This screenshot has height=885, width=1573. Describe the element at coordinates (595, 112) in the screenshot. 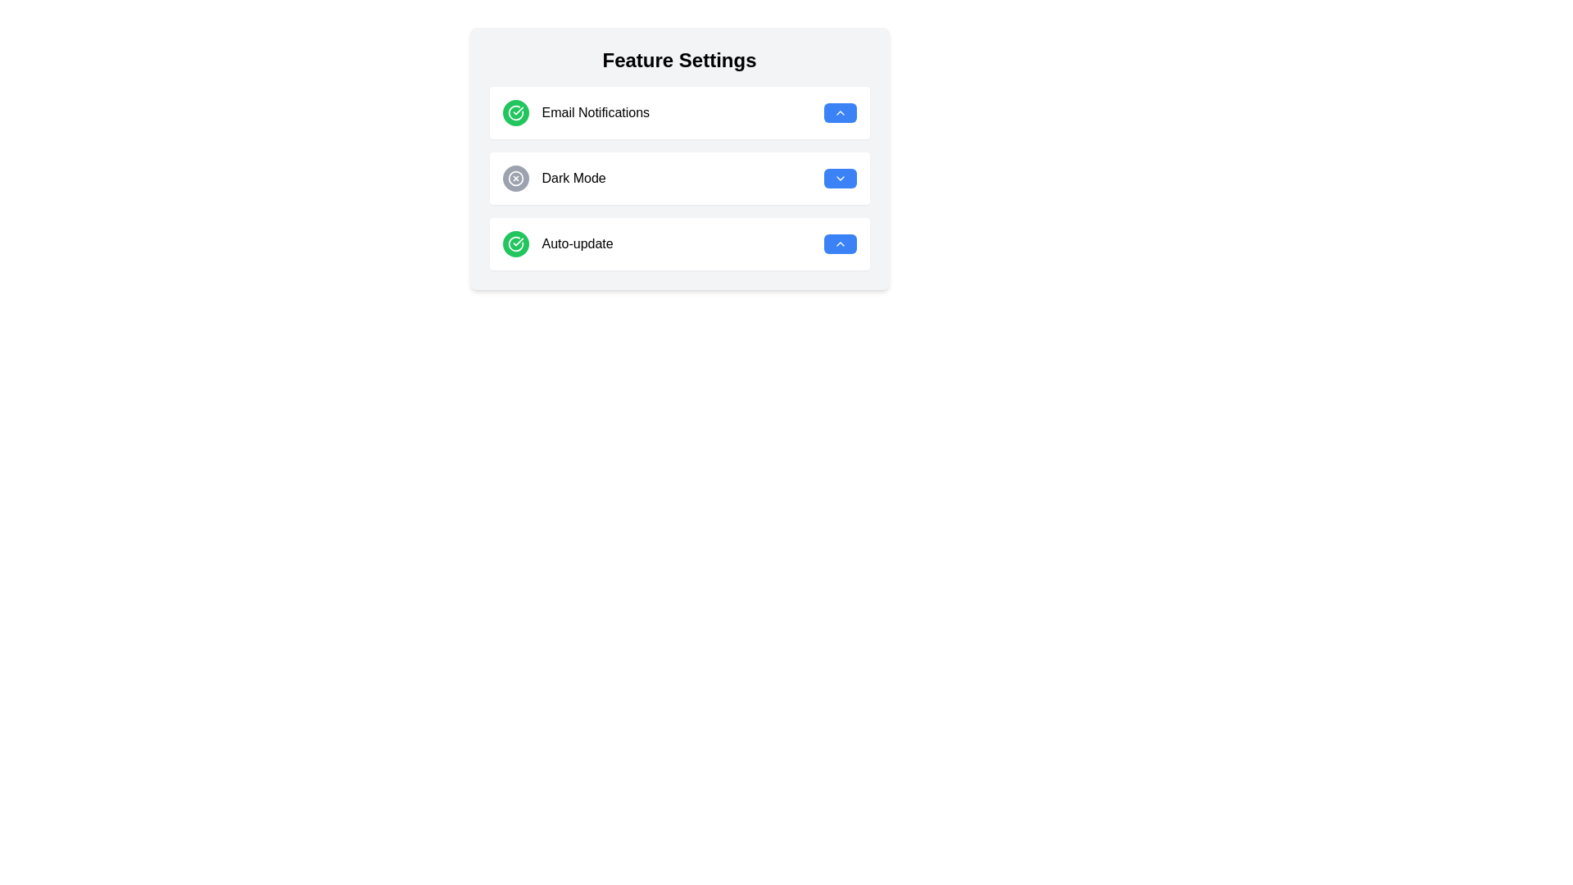

I see `text label that describes the functionality of enabling or disabling email notifications, located at the center of the first entry in the vertical list of settings options titled 'Feature Settings'` at that location.